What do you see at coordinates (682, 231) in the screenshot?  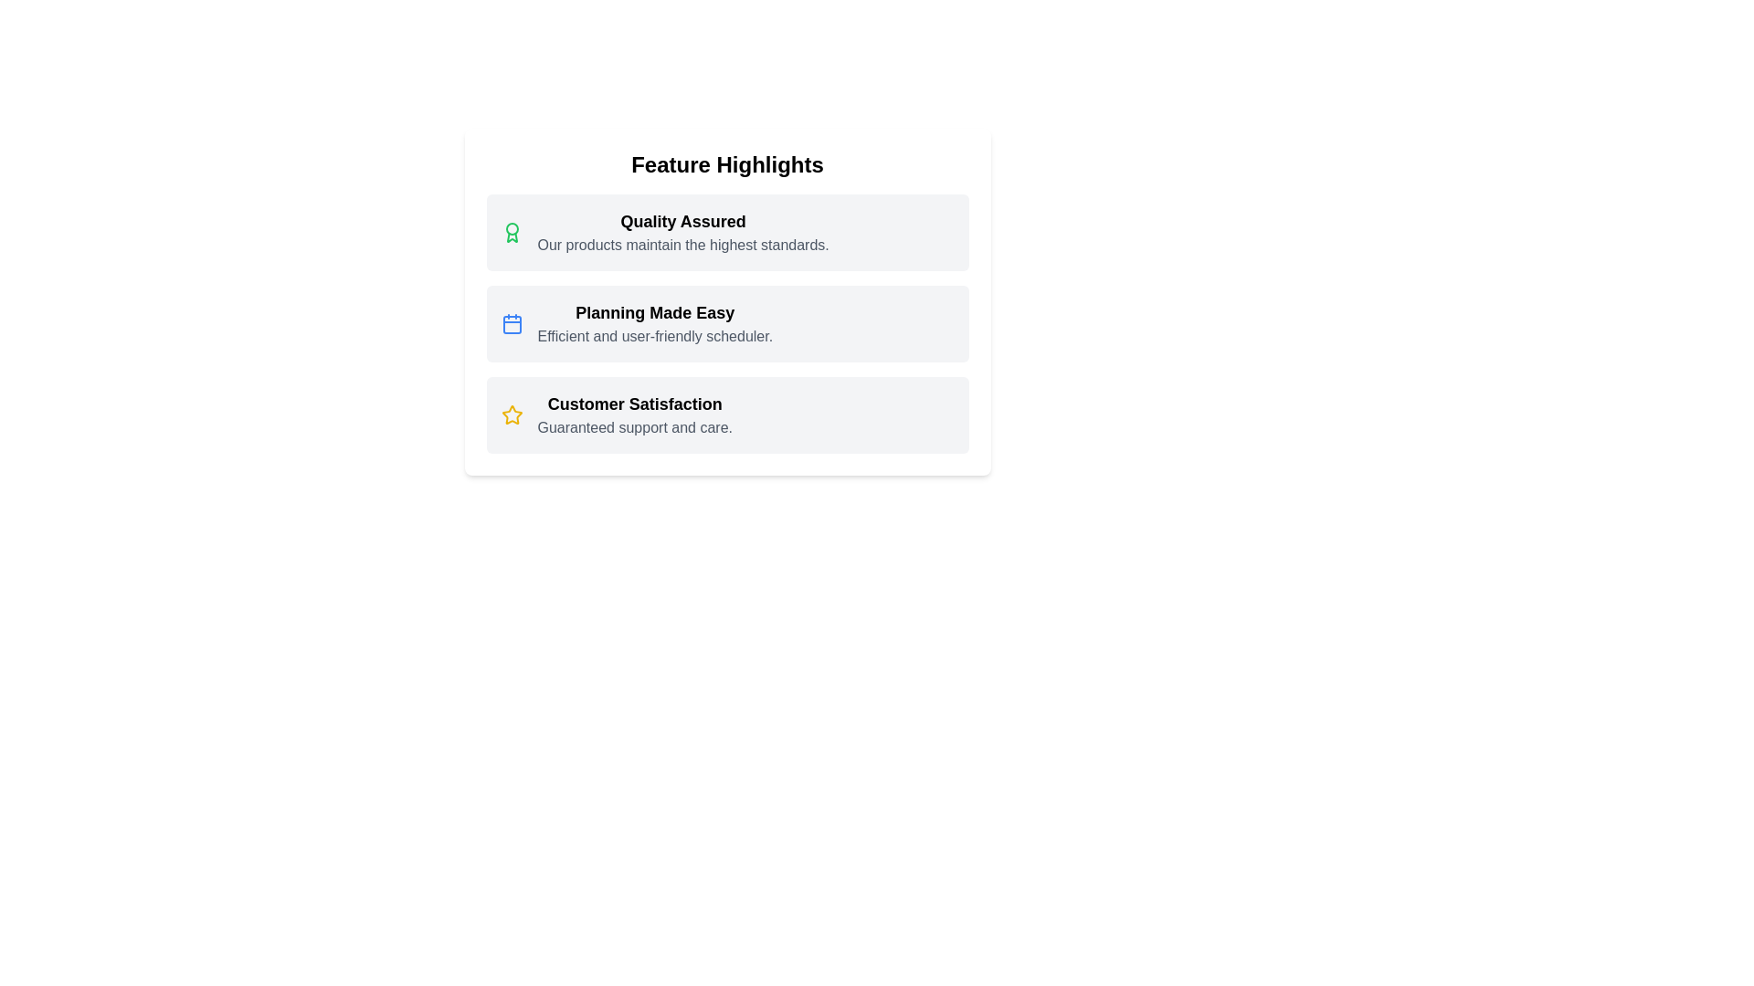 I see `the text block titled 'Quality Assured' which contains the description 'Our products maintain the highest standards'` at bounding box center [682, 231].